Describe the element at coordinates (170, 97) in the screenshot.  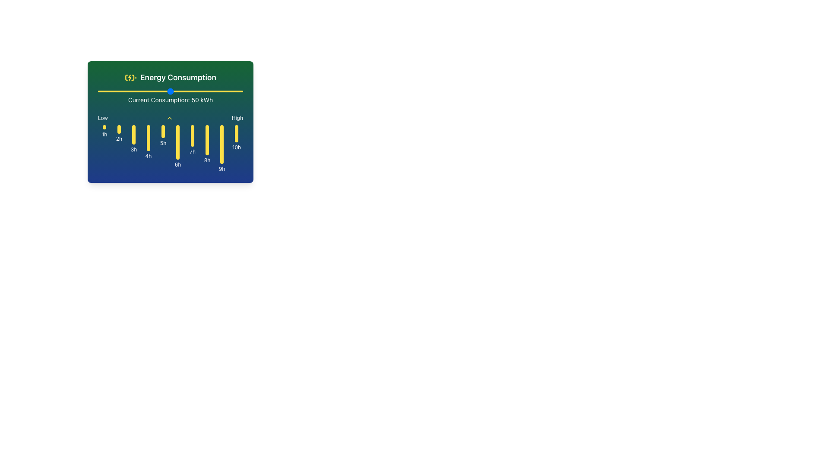
I see `the energy consumption text label, which displays the current energy consumption in kilowatt-hours (kWh), to affect the displayed value by interacting with related elements` at that location.